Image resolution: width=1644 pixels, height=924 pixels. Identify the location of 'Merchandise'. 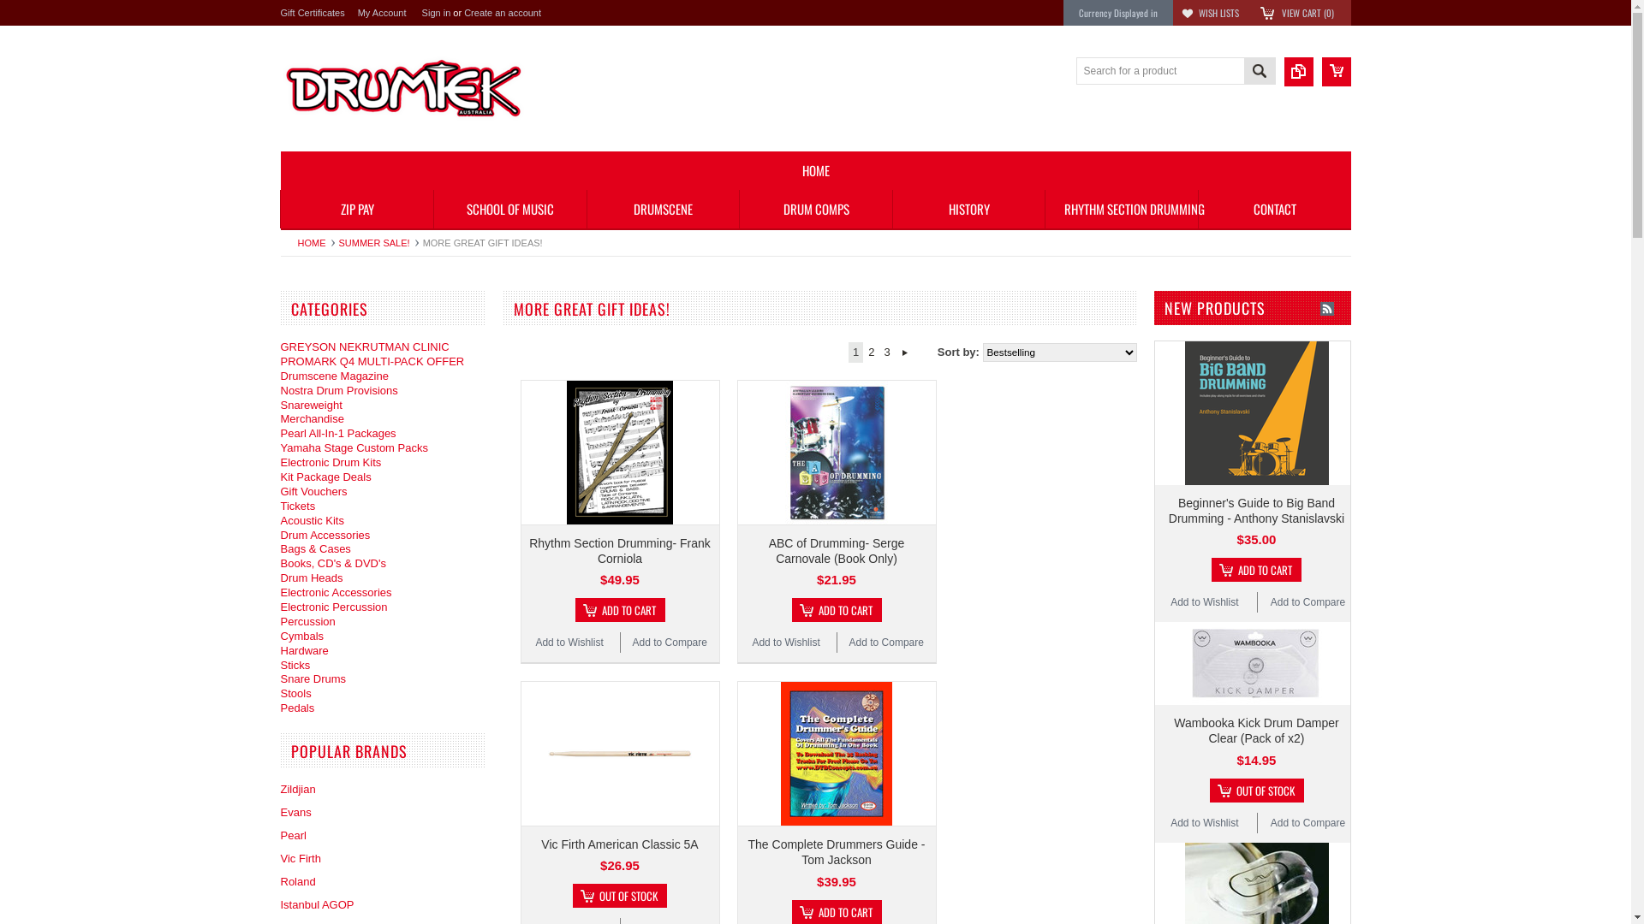
(312, 418).